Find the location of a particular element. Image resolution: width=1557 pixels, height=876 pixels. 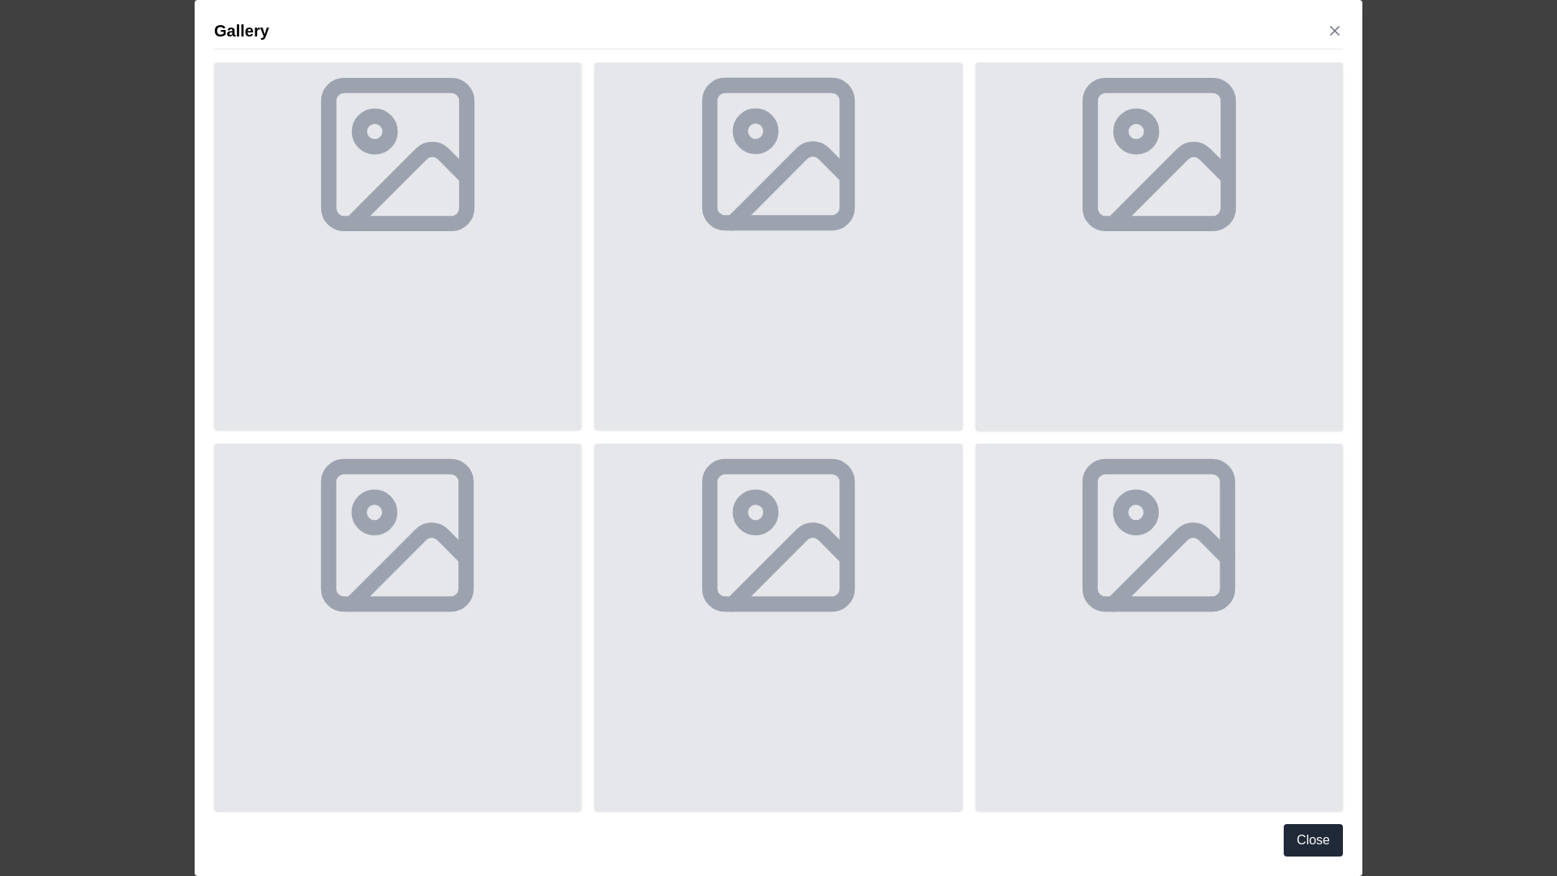

the 'Close' button, which is a rectangular button with slightly rounded corners displaying the text 'Close' in white on a dark gray background, located at the bottom-right corner of the modal window is located at coordinates (1313, 839).